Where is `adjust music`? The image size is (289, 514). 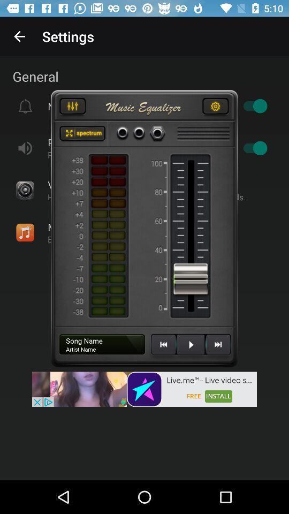
adjust music is located at coordinates (72, 108).